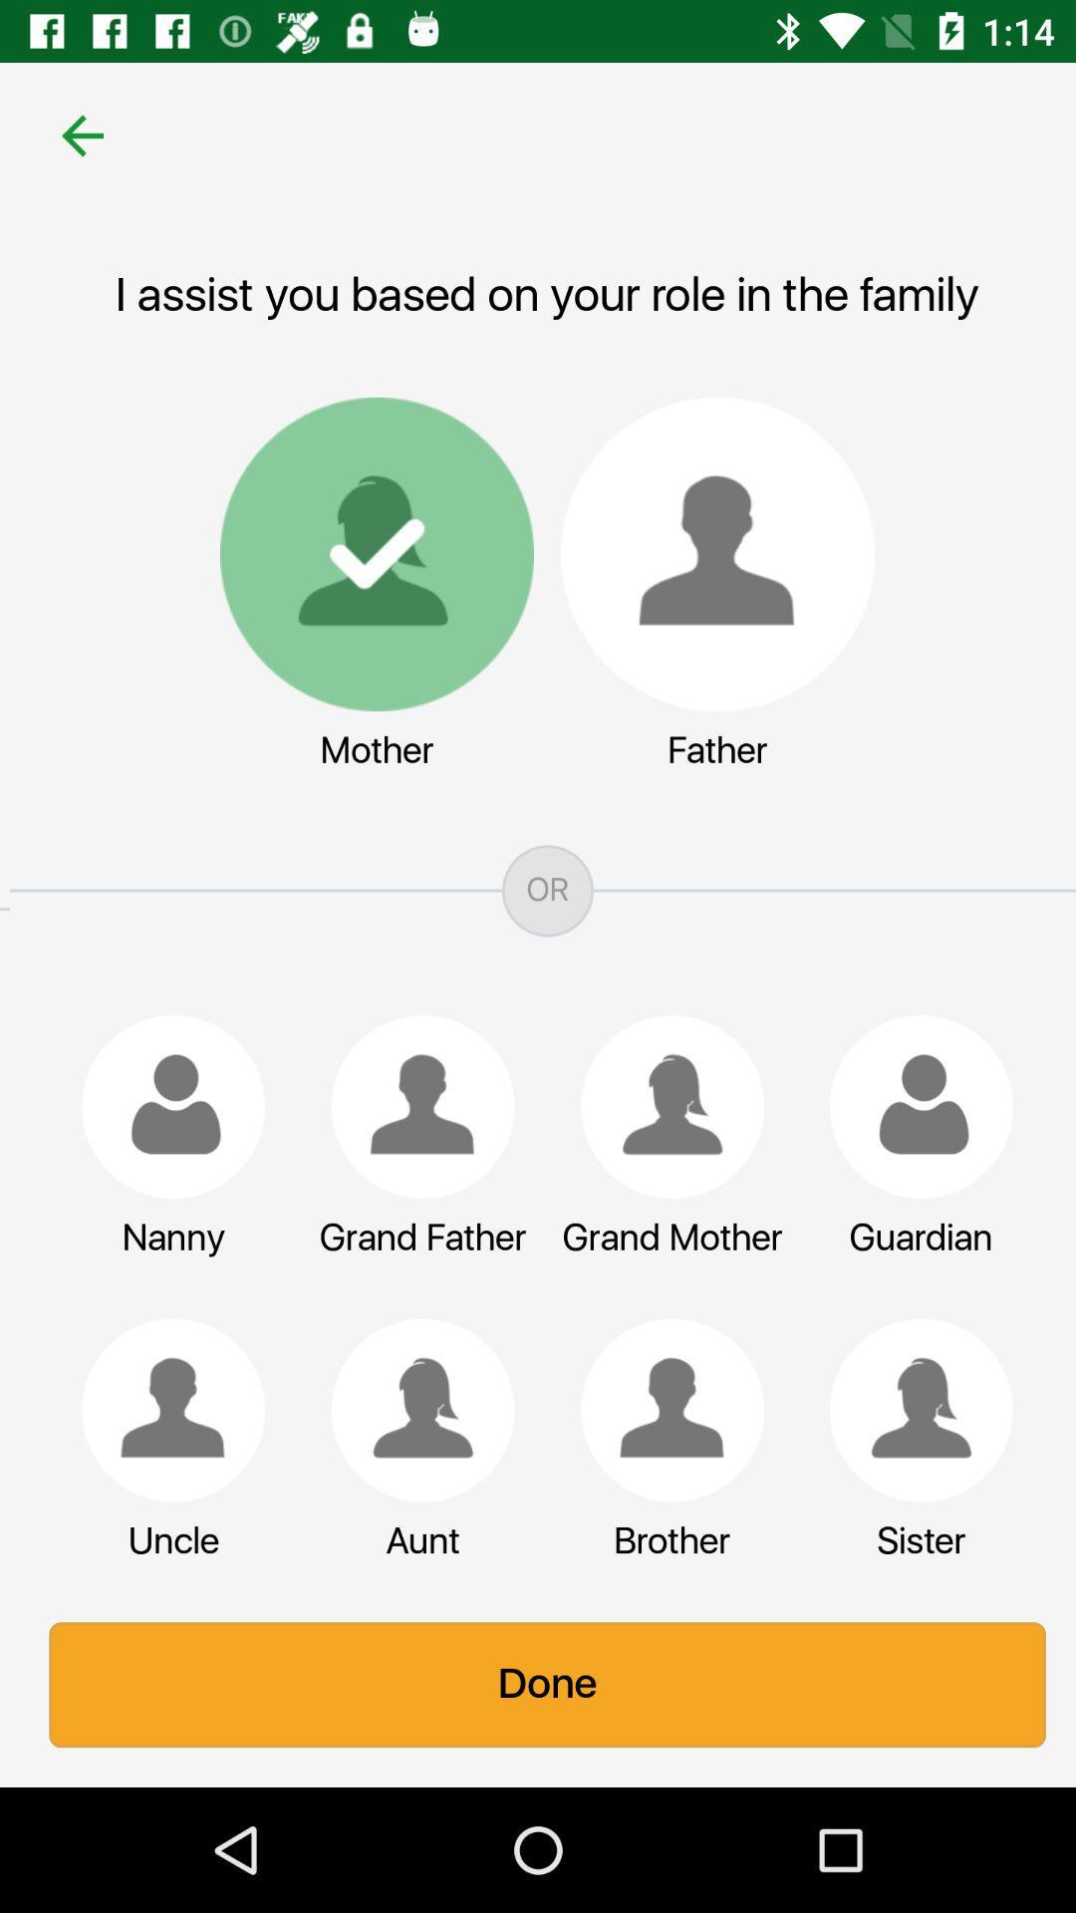 This screenshot has height=1913, width=1076. What do you see at coordinates (412, 1409) in the screenshot?
I see `icon above the aunt` at bounding box center [412, 1409].